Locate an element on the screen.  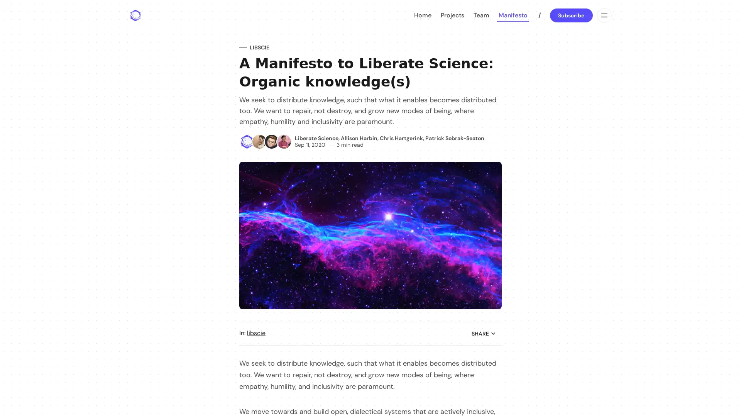
SHARE is located at coordinates (483, 333).